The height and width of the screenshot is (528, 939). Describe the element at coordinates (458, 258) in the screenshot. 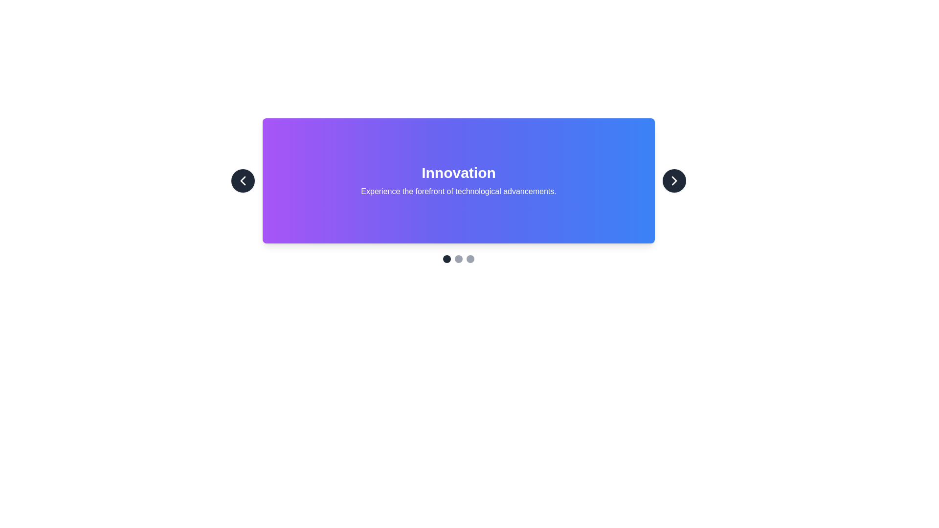

I see `the center navigation dot located below the 'Innovation' section` at that location.